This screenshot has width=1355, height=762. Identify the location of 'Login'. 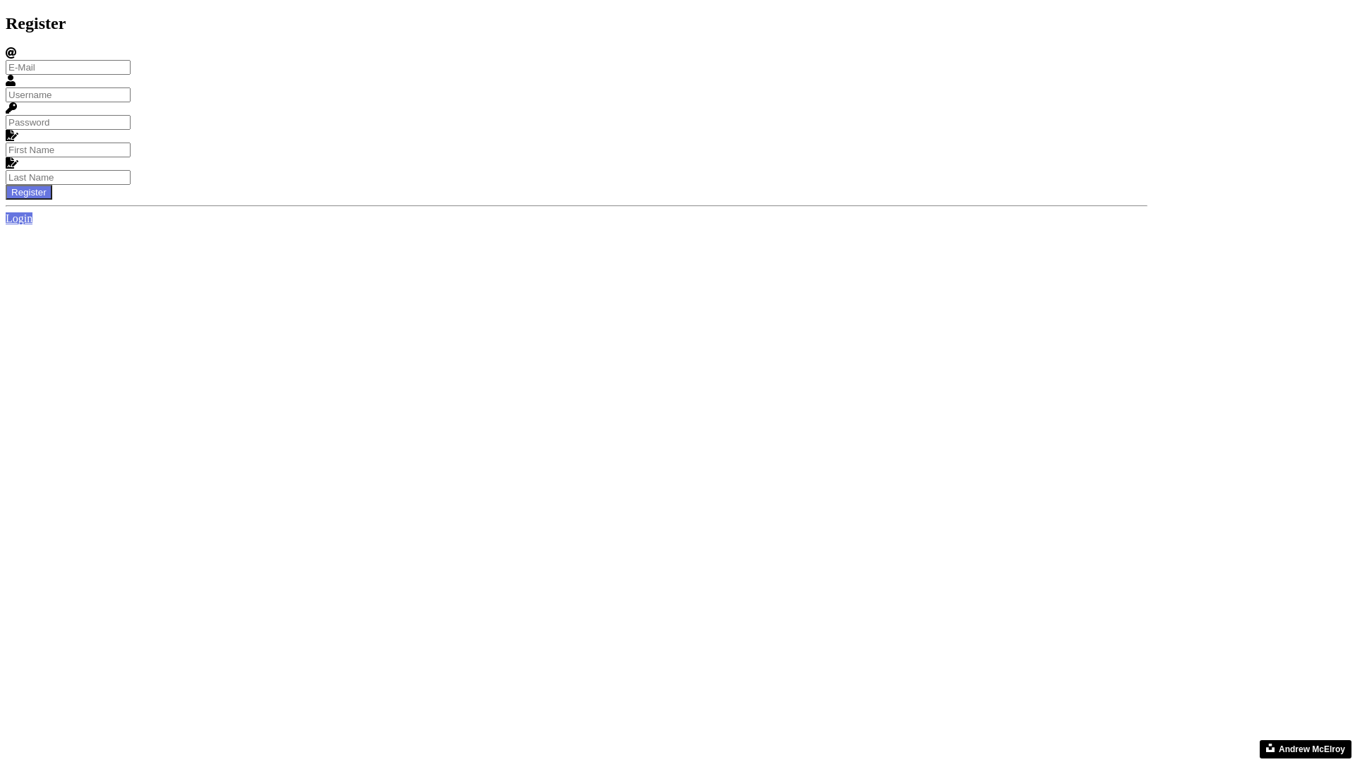
(19, 218).